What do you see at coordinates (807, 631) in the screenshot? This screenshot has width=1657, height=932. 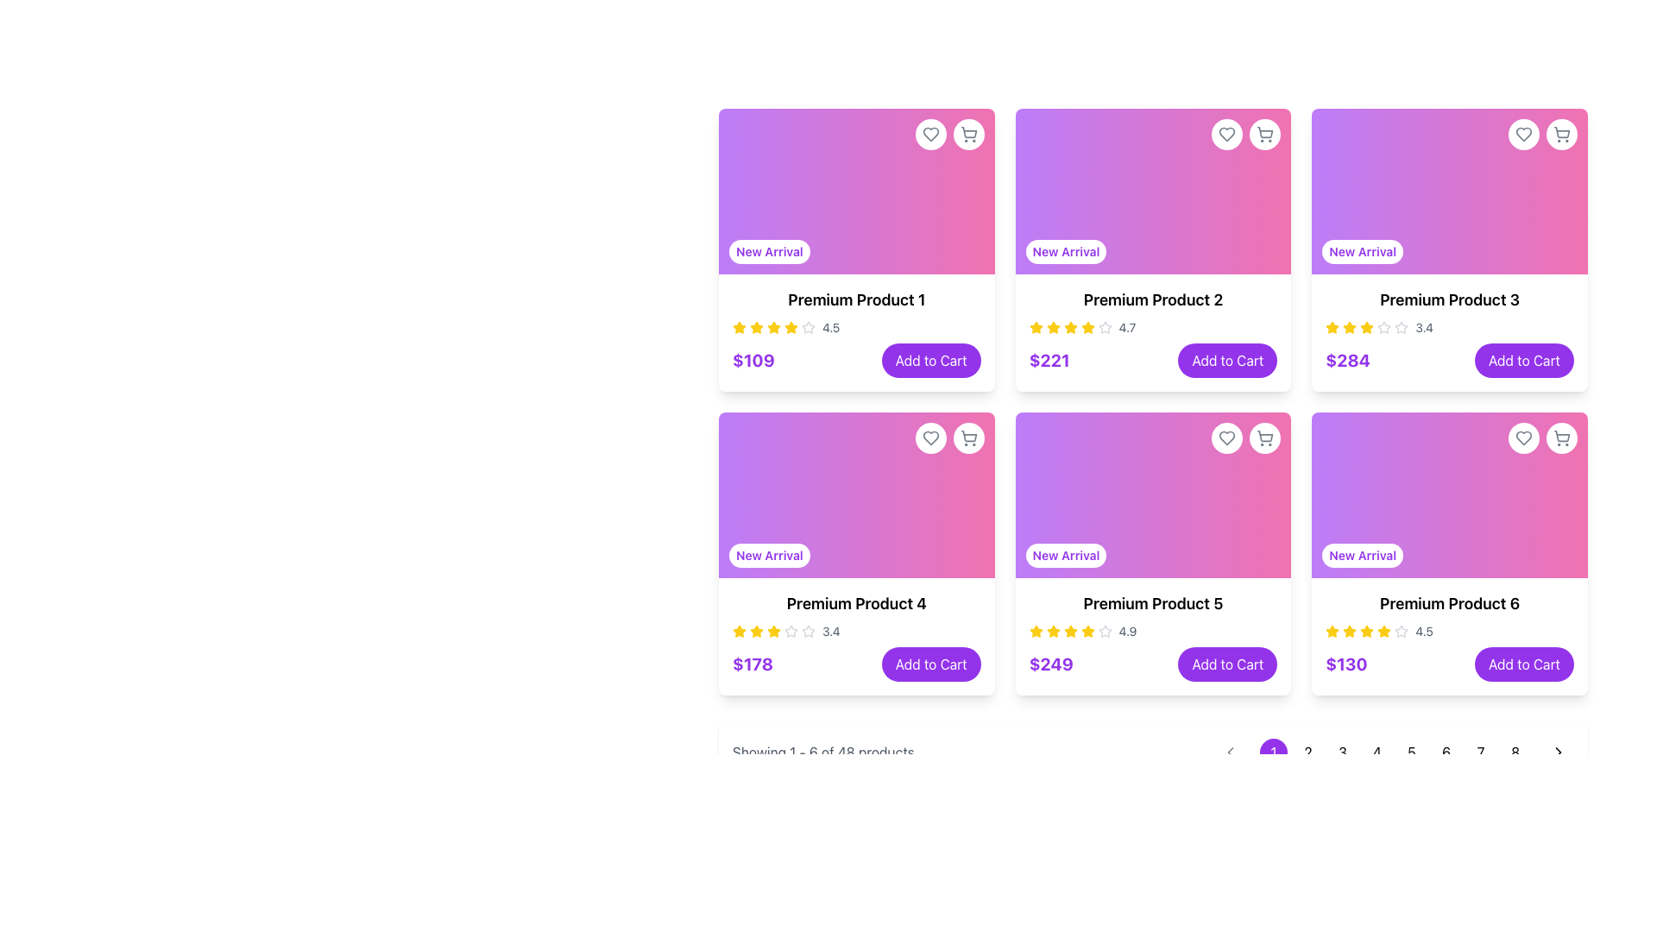 I see `the fourth star icon indicating the user rating for 'Premium Product 4', located in the second row and first column of the product grid` at bounding box center [807, 631].